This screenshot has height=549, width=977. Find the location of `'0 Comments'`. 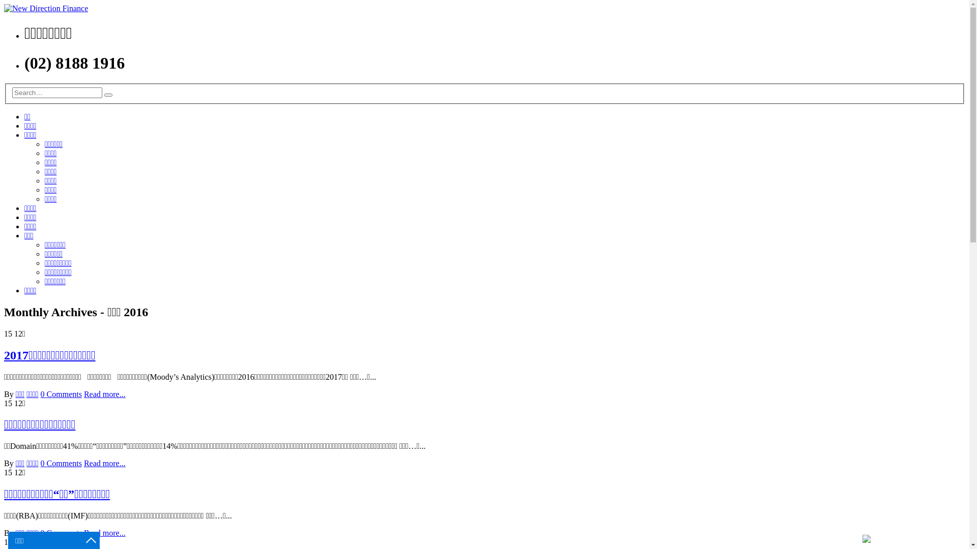

'0 Comments' is located at coordinates (61, 532).